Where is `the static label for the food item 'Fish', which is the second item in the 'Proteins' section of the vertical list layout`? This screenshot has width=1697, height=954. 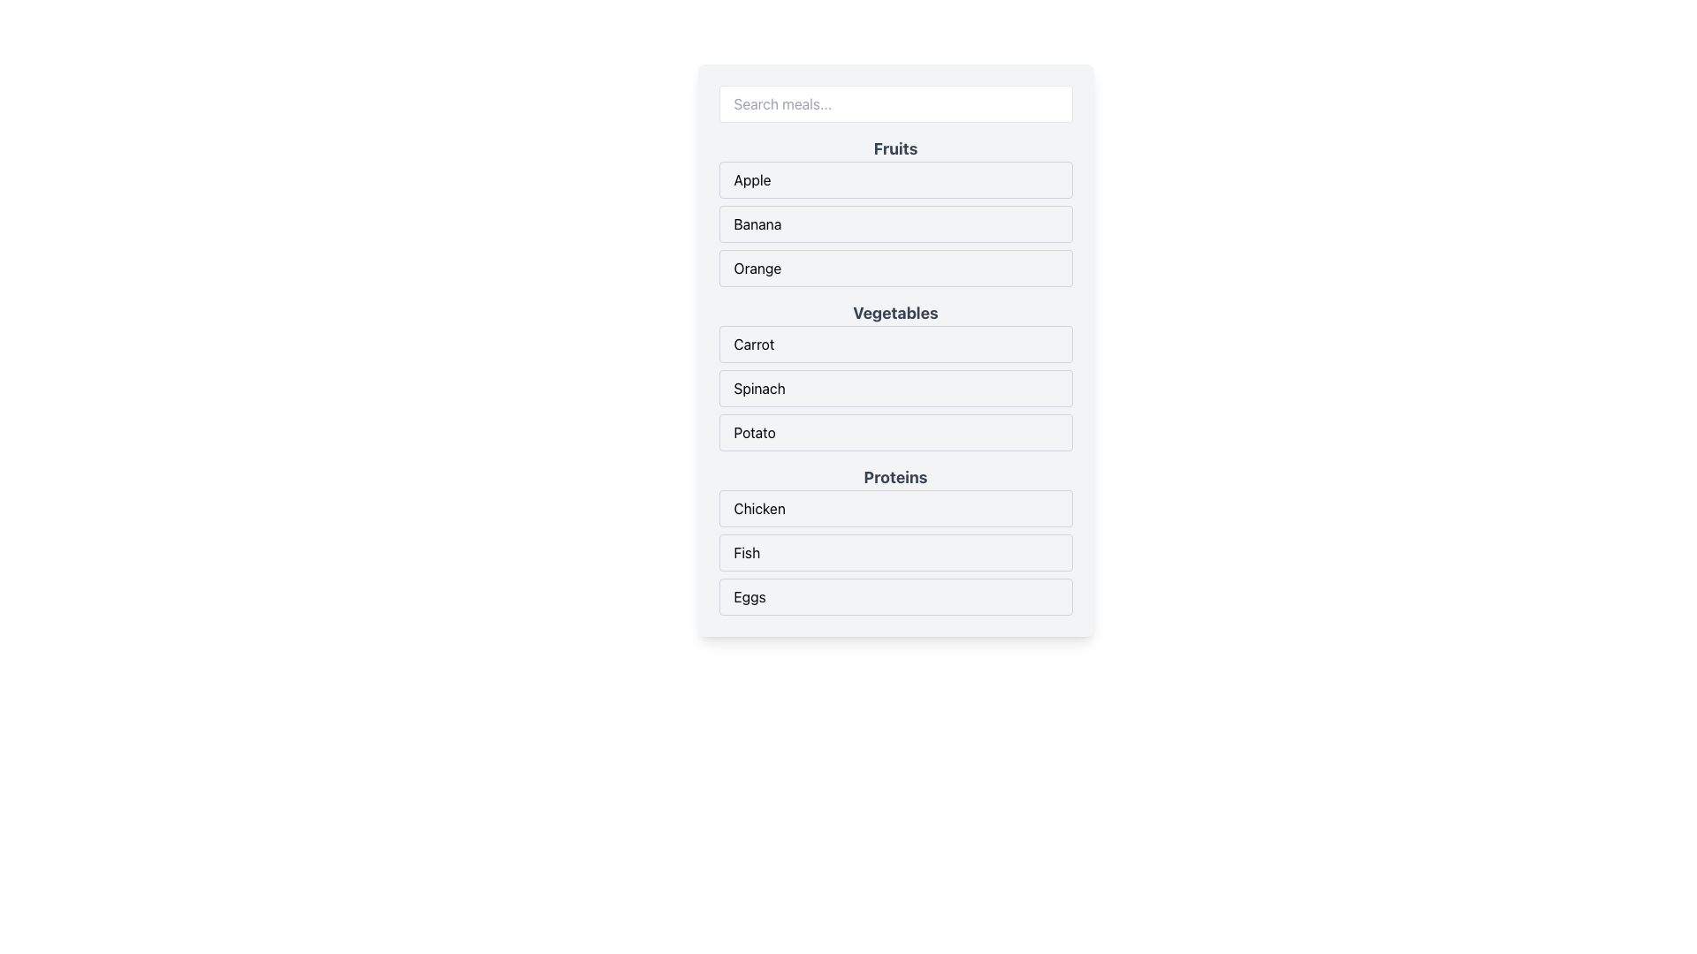
the static label for the food item 'Fish', which is the second item in the 'Proteins' section of the vertical list layout is located at coordinates (747, 551).